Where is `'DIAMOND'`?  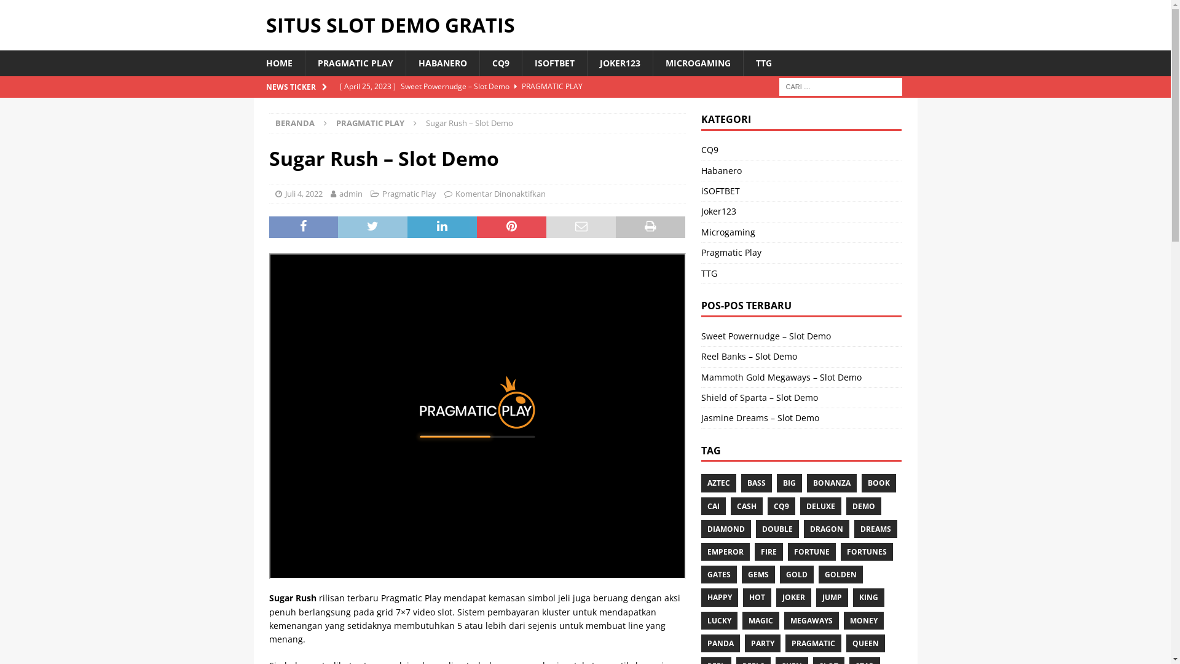
'DIAMOND' is located at coordinates (726, 528).